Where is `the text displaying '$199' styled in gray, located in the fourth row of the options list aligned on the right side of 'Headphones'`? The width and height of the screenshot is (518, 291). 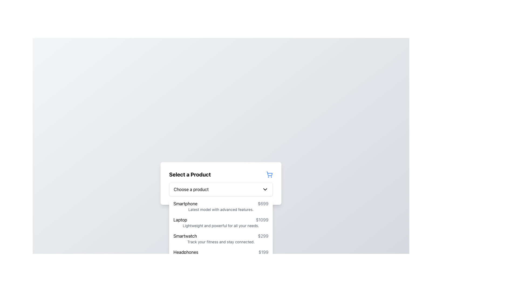 the text displaying '$199' styled in gray, located in the fourth row of the options list aligned on the right side of 'Headphones' is located at coordinates (263, 252).